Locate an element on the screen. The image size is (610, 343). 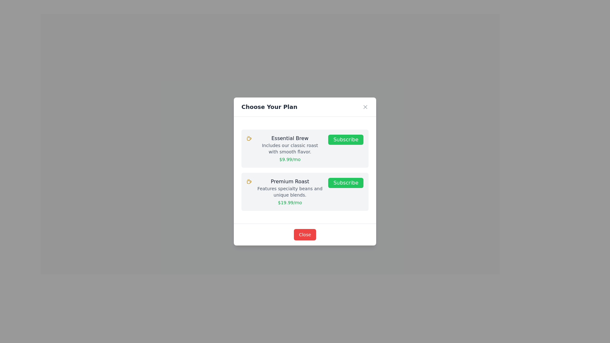
the 'Premium Roast' subscription plan card, which is the second card in the list of subscription options is located at coordinates (305, 192).